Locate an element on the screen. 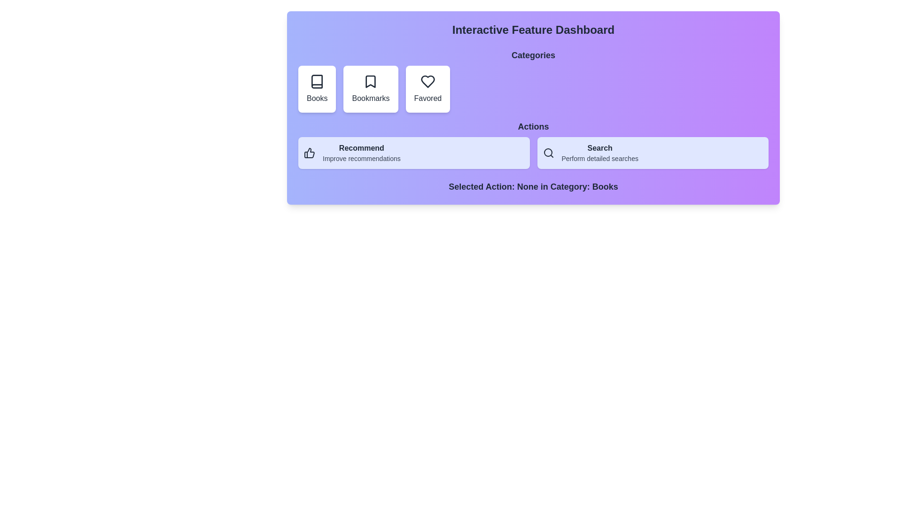  'Books' text label located at the bottom of the white card in the 'Categories' section is located at coordinates (317, 98).